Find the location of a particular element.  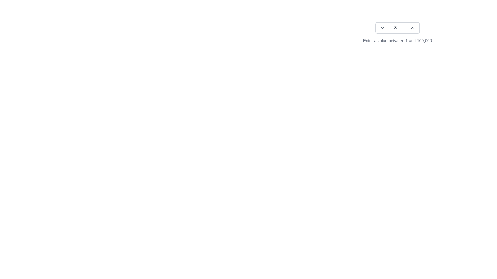

the increment button located at the far right of the numerical input field is located at coordinates (412, 28).